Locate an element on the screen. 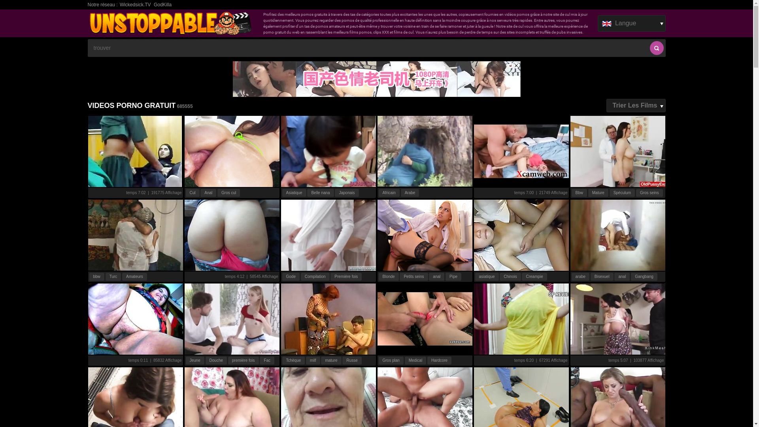 Image resolution: width=759 pixels, height=427 pixels. 'Mature' is located at coordinates (598, 193).